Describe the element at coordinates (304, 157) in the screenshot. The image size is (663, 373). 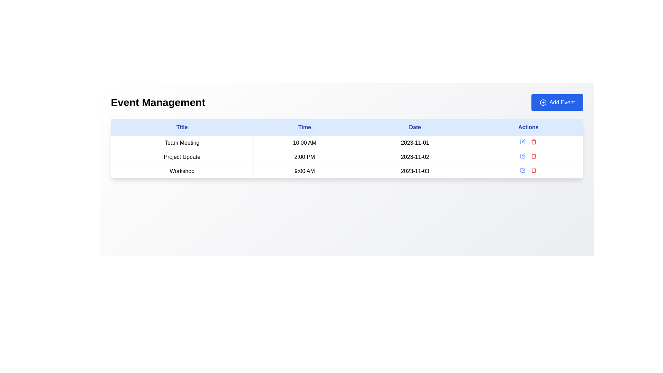
I see `the text label displaying '2:00 PM' which is located in the second row of the table in the 'Time' column, between 'Project Update' and '2023-11-02'` at that location.